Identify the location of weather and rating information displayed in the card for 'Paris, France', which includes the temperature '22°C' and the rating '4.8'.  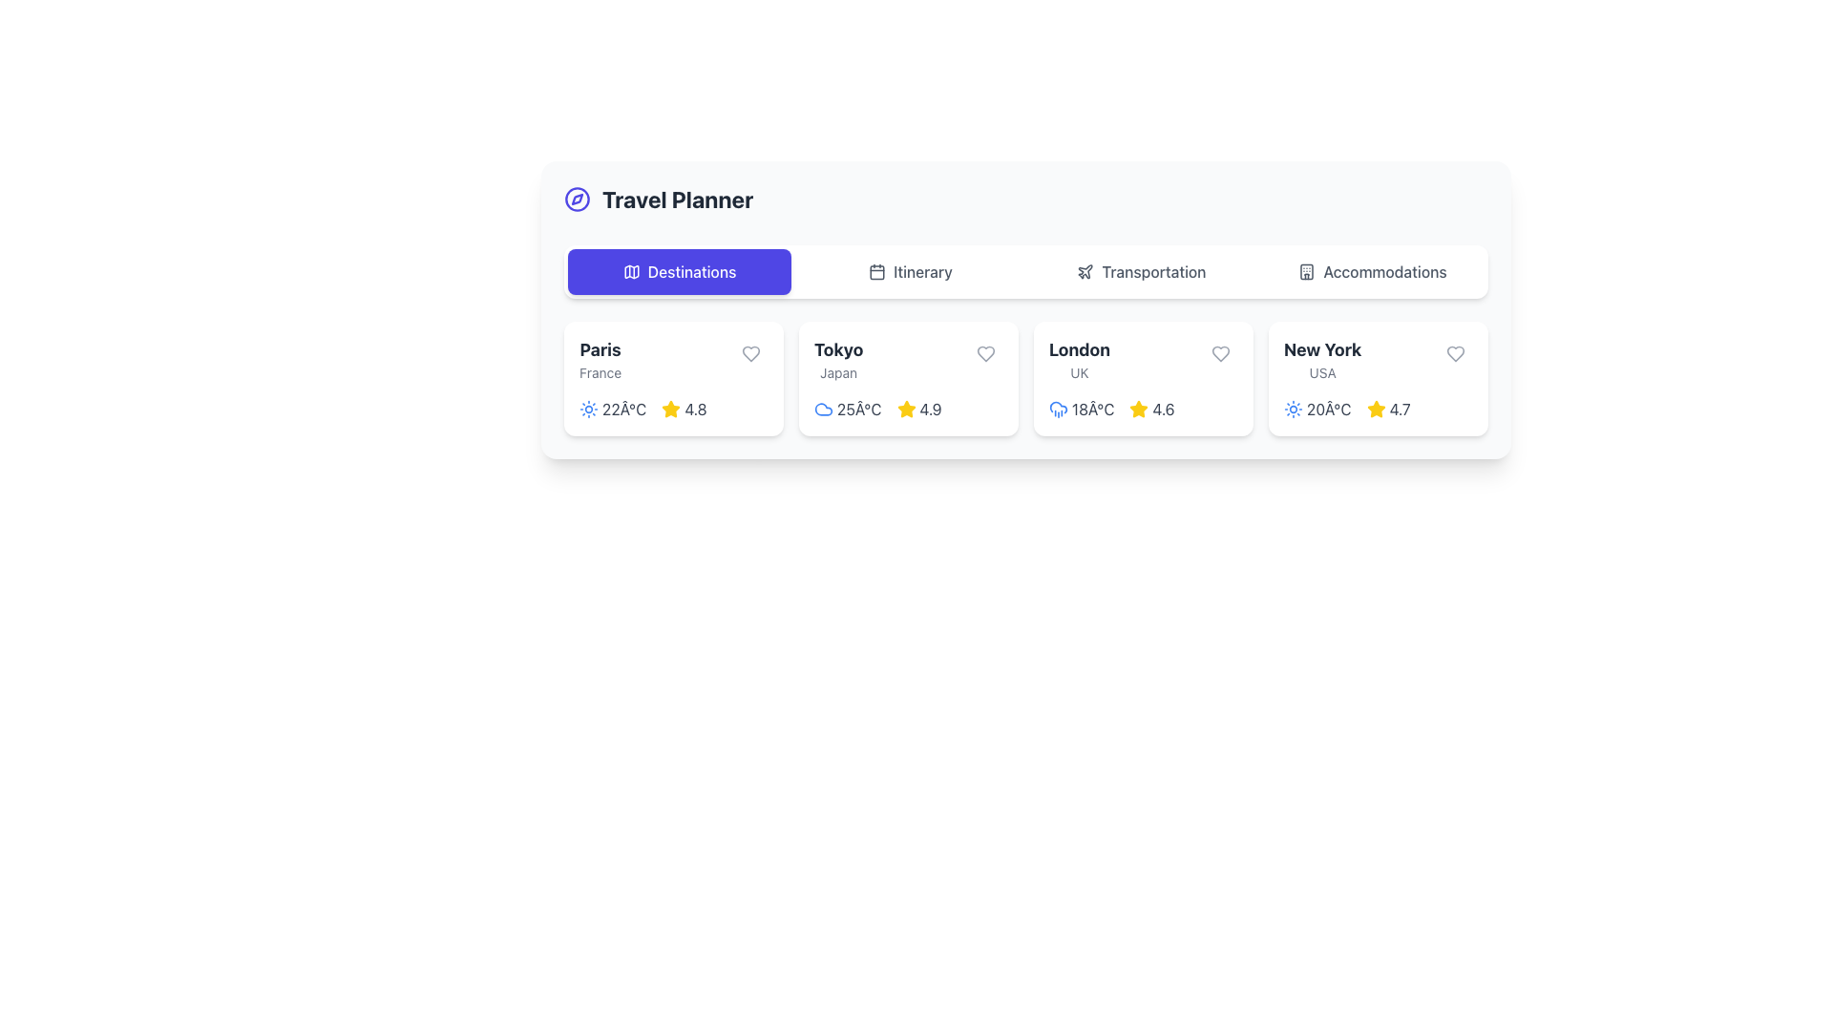
(673, 408).